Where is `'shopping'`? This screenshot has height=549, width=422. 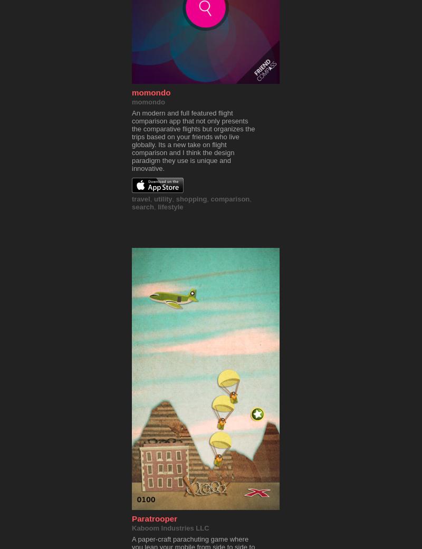 'shopping' is located at coordinates (191, 199).